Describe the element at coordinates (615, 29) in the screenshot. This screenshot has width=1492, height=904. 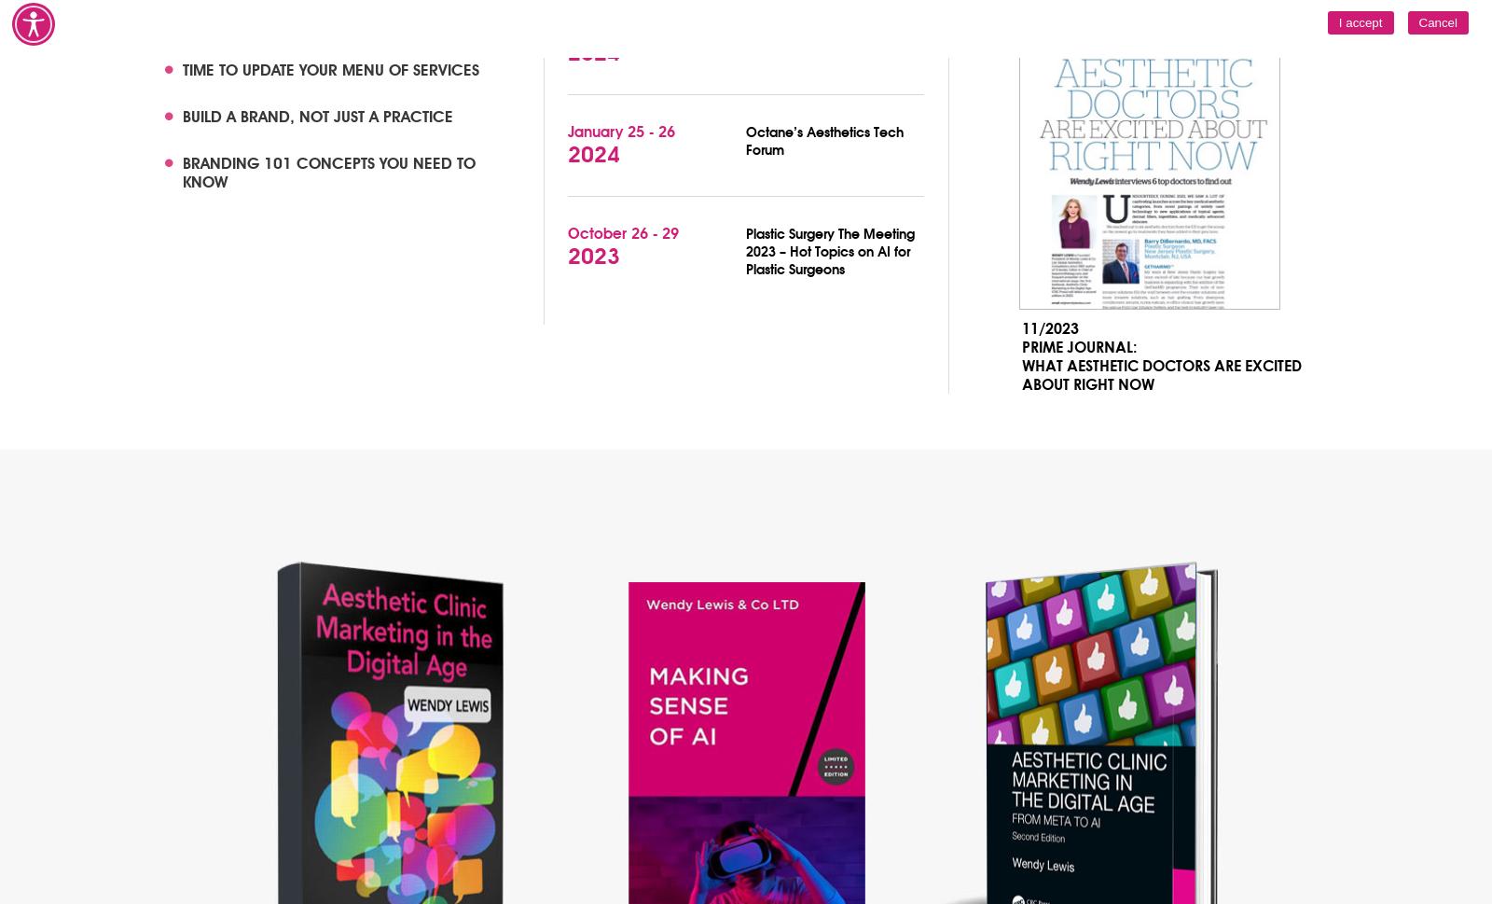
I see `'February 1 - 4'` at that location.